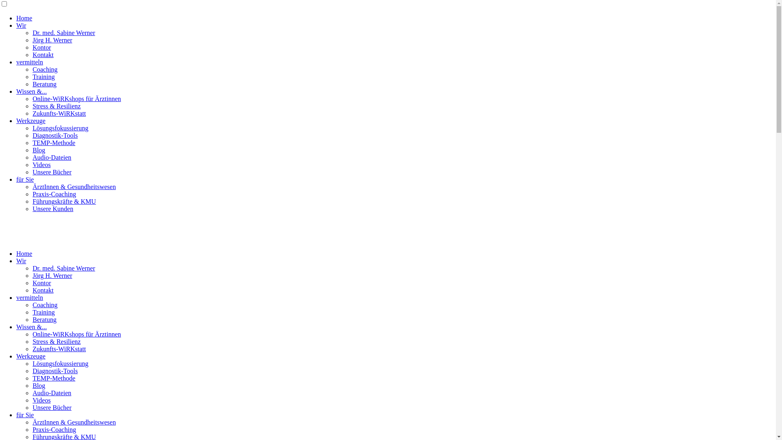  Describe the element at coordinates (29, 297) in the screenshot. I see `'vermitteln'` at that location.